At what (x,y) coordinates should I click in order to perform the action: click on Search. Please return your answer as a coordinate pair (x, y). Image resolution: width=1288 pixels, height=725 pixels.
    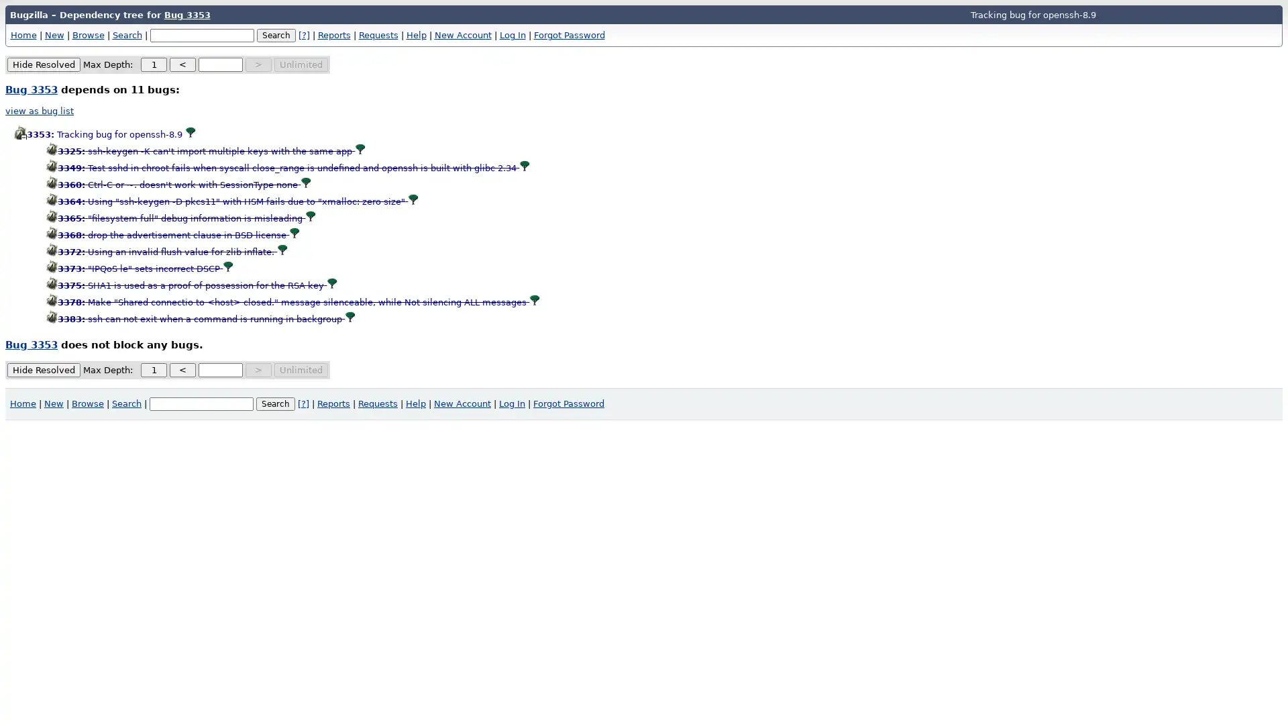
    Looking at the image, I should click on (275, 403).